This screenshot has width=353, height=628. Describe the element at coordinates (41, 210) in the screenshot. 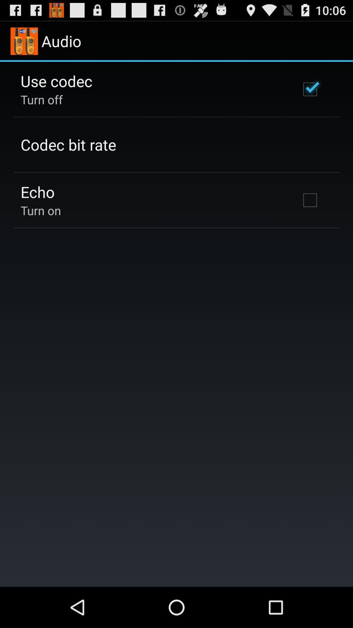

I see `the item below the echo` at that location.